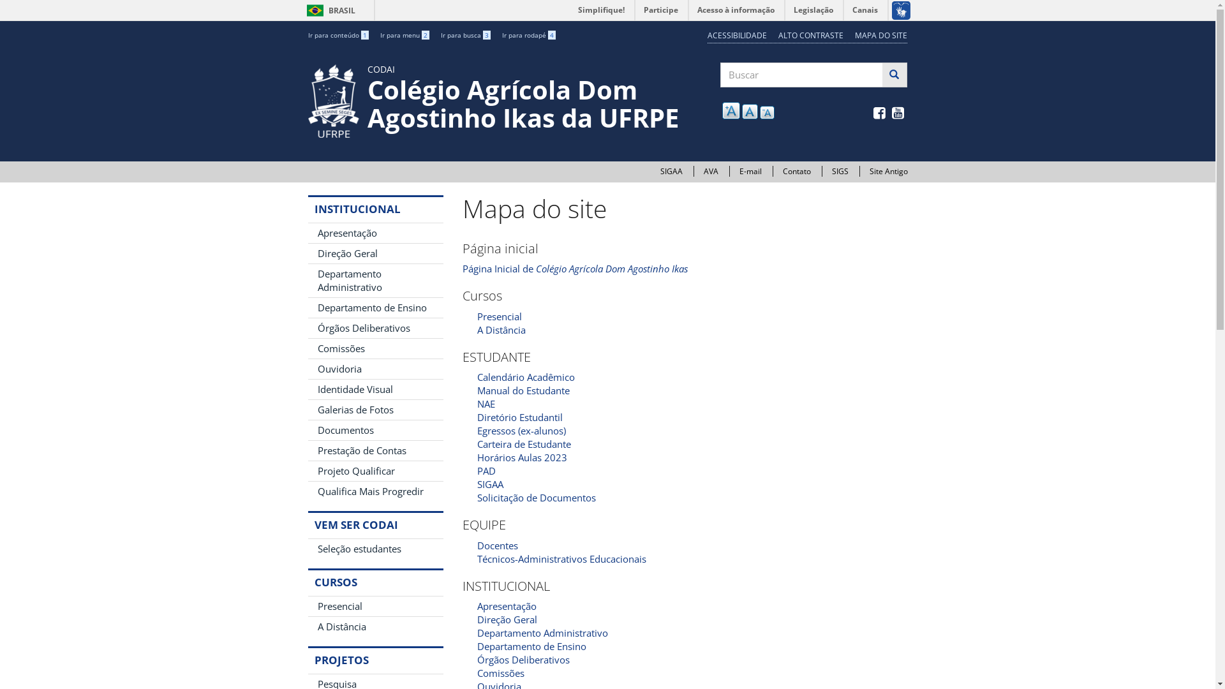  Describe the element at coordinates (315, 10) in the screenshot. I see `'BRASIL'` at that location.